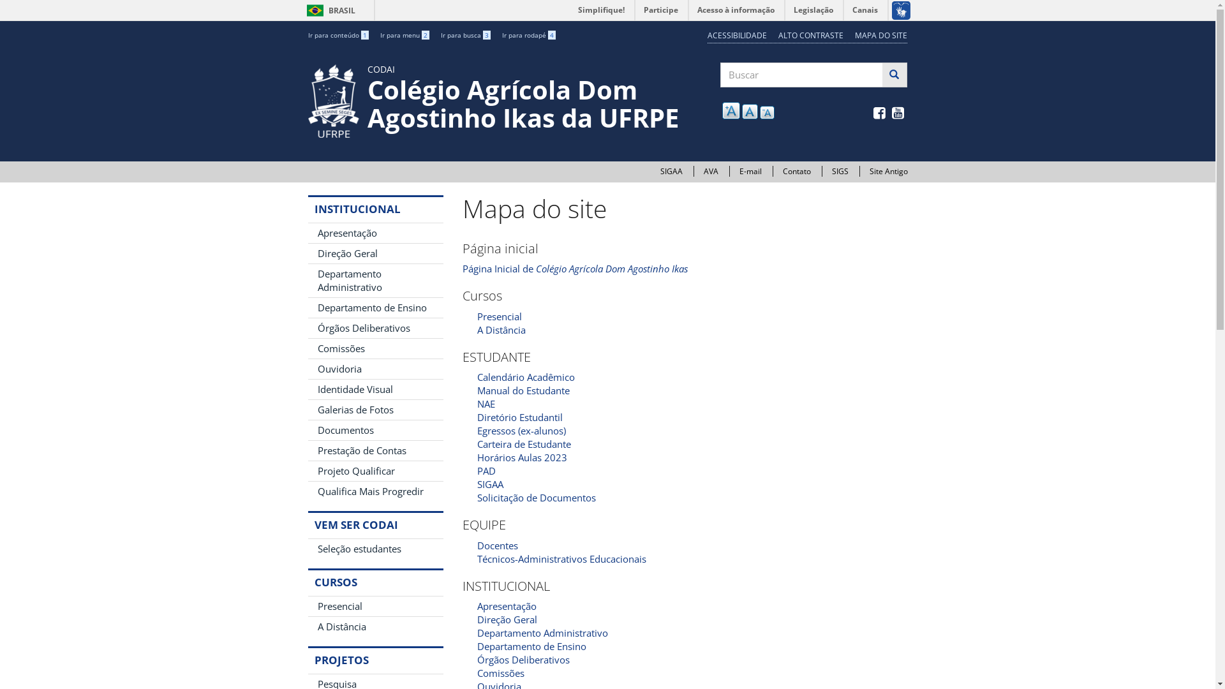  Describe the element at coordinates (315, 10) in the screenshot. I see `'BRASIL'` at that location.